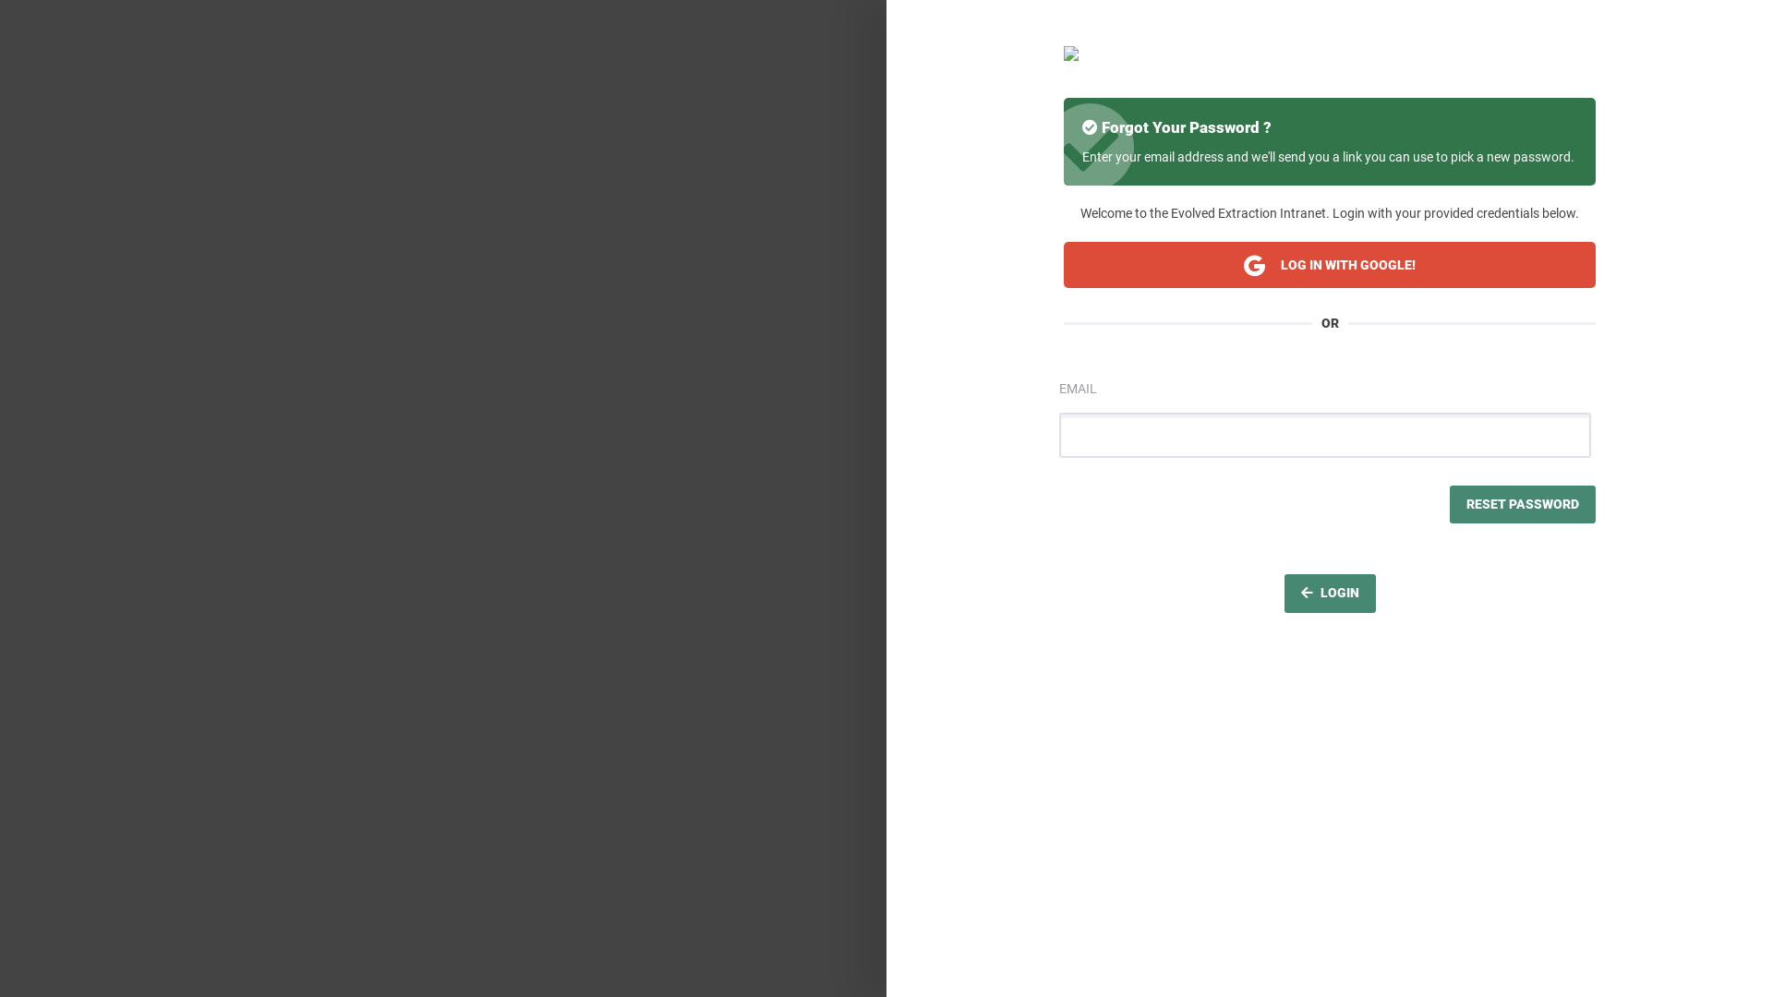  I want to click on 'Reset Password', so click(1448, 505).